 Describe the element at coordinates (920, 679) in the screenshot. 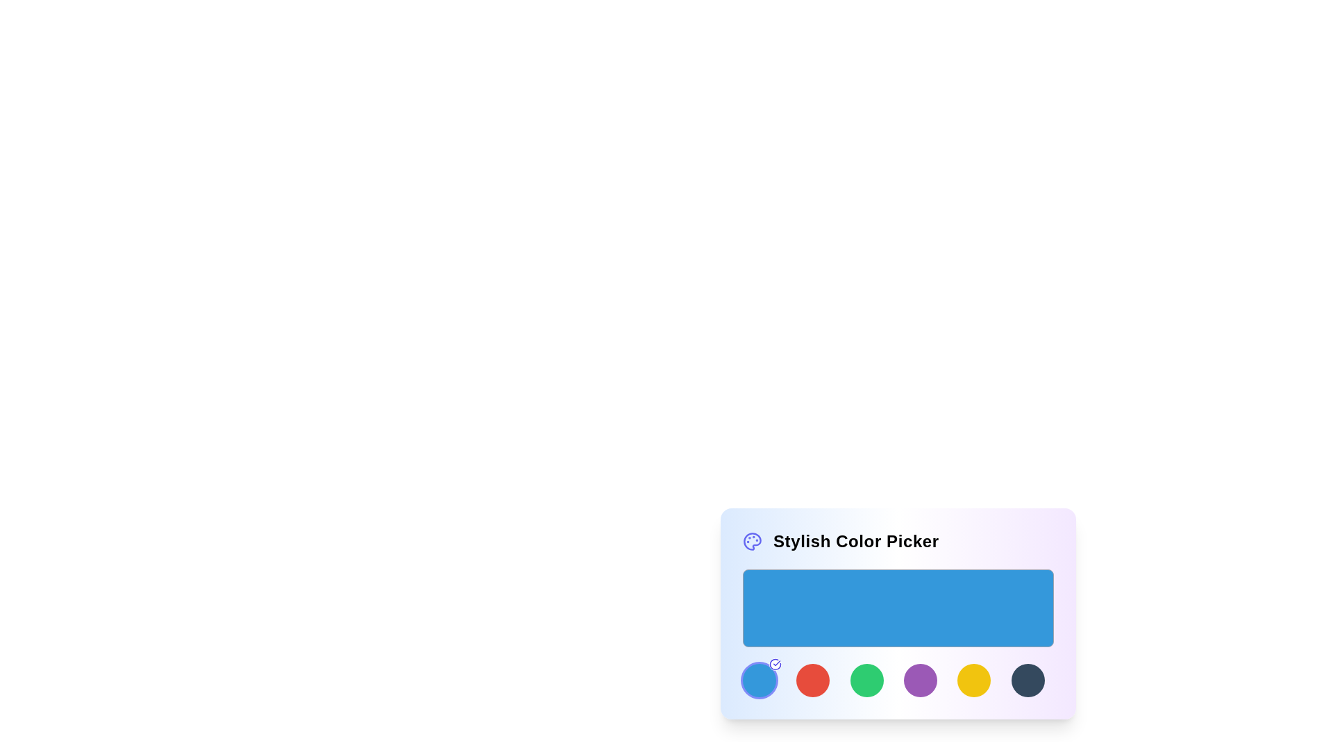

I see `the fifth circular color selection button located at the bottom of the interface` at that location.